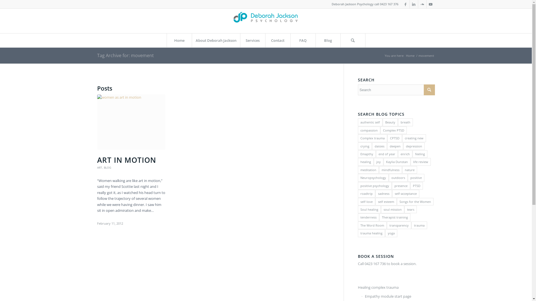  What do you see at coordinates (379, 162) in the screenshot?
I see `'joy'` at bounding box center [379, 162].